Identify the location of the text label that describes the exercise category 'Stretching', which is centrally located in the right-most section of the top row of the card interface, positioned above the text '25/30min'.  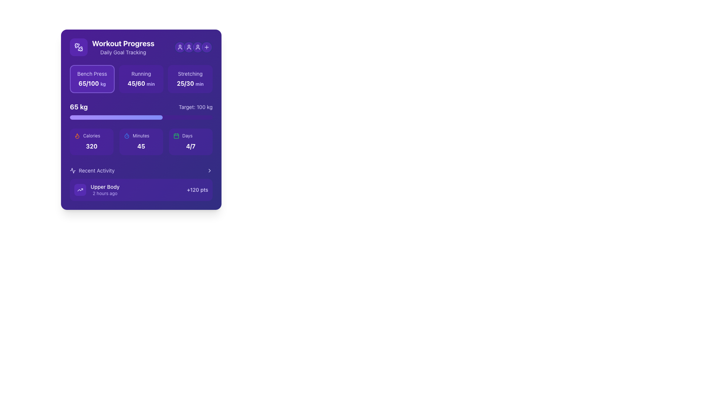
(190, 74).